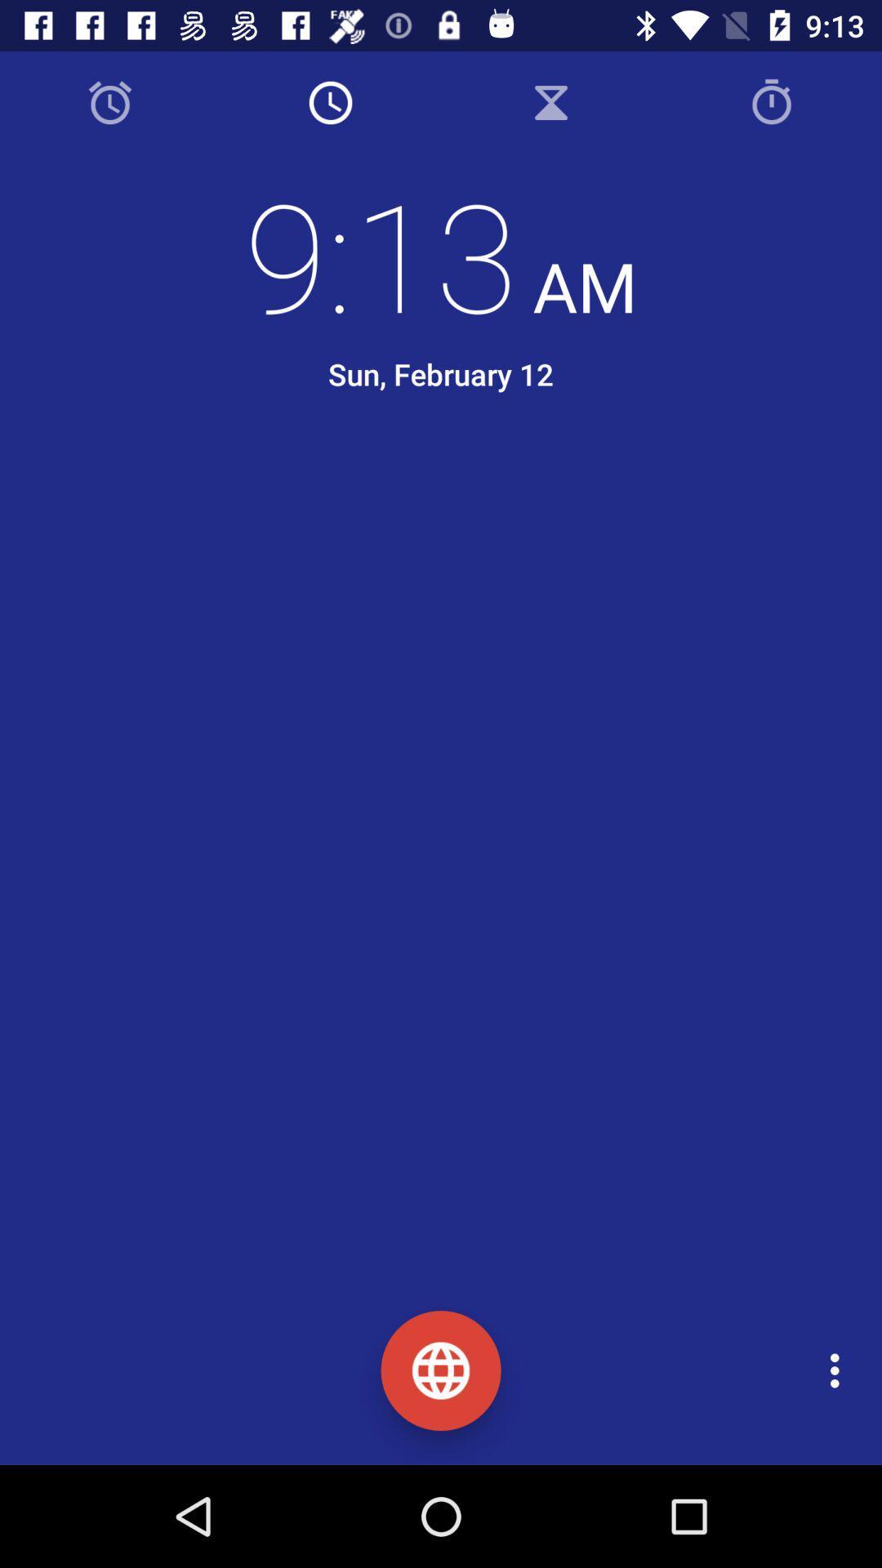 The image size is (882, 1568). I want to click on the globe icon, so click(441, 1370).